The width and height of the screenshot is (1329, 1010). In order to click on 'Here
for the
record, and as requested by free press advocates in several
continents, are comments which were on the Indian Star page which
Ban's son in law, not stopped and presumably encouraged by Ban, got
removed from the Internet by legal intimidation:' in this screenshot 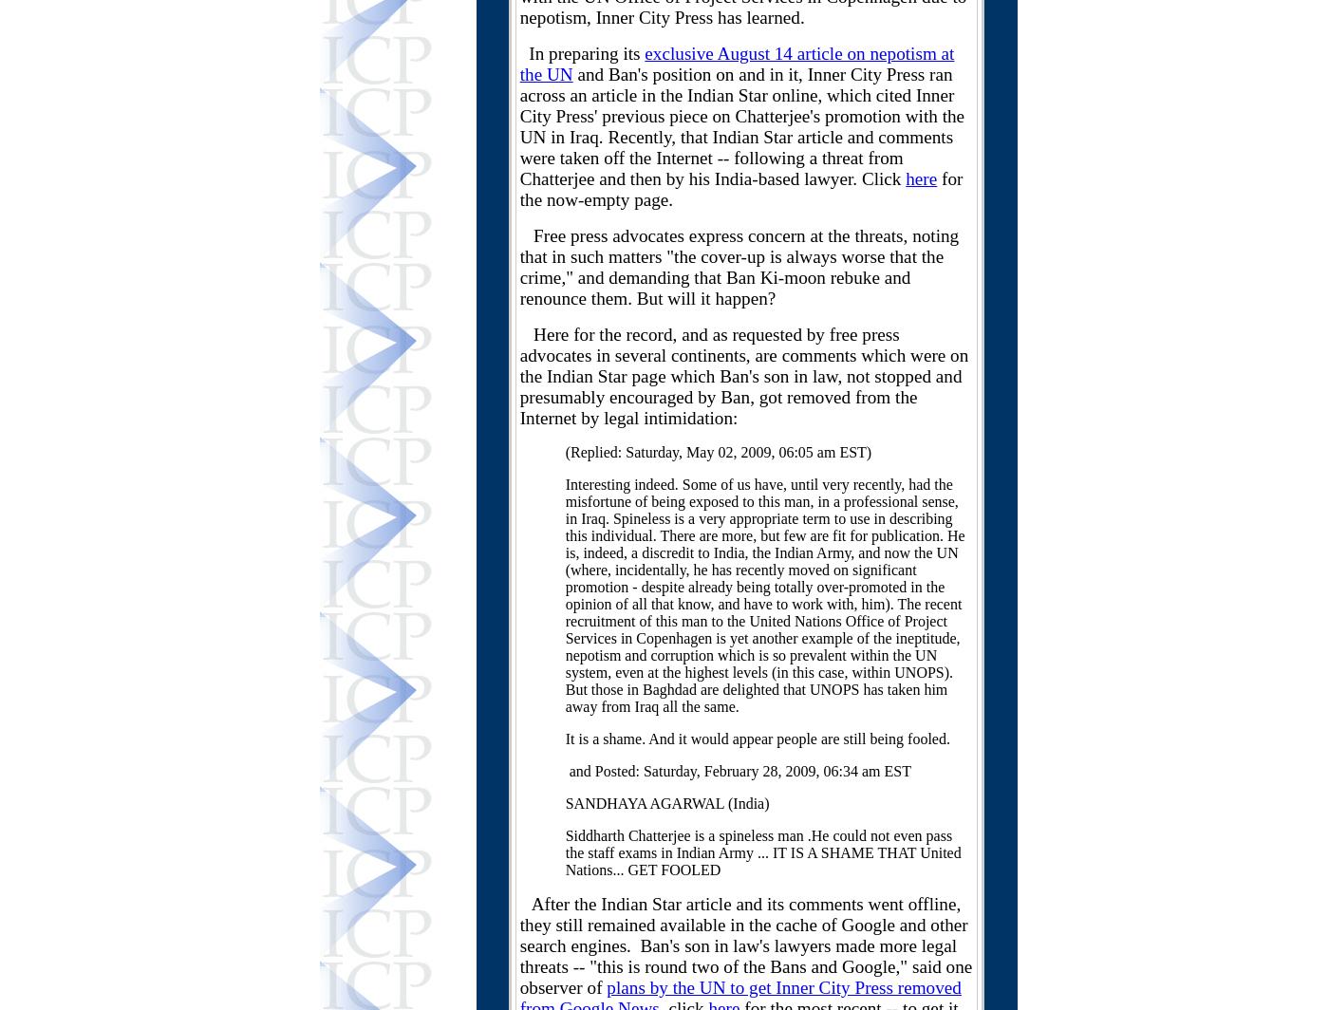, I will do `click(743, 376)`.